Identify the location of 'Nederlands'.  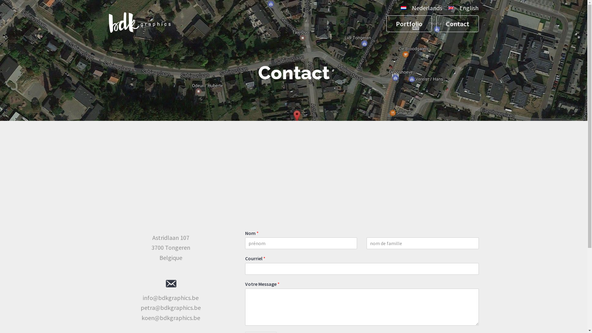
(404, 8).